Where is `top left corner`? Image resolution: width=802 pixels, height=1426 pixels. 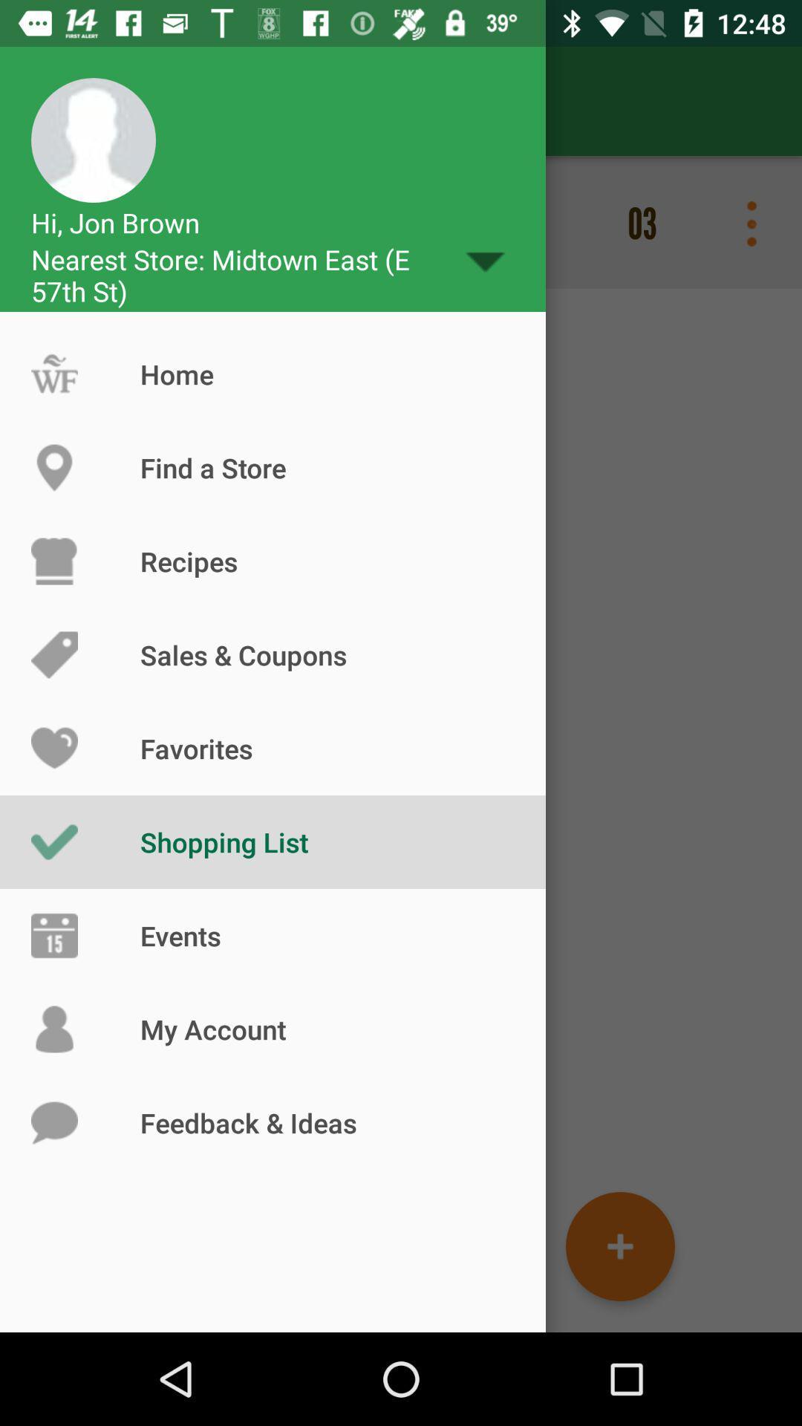 top left corner is located at coordinates (94, 140).